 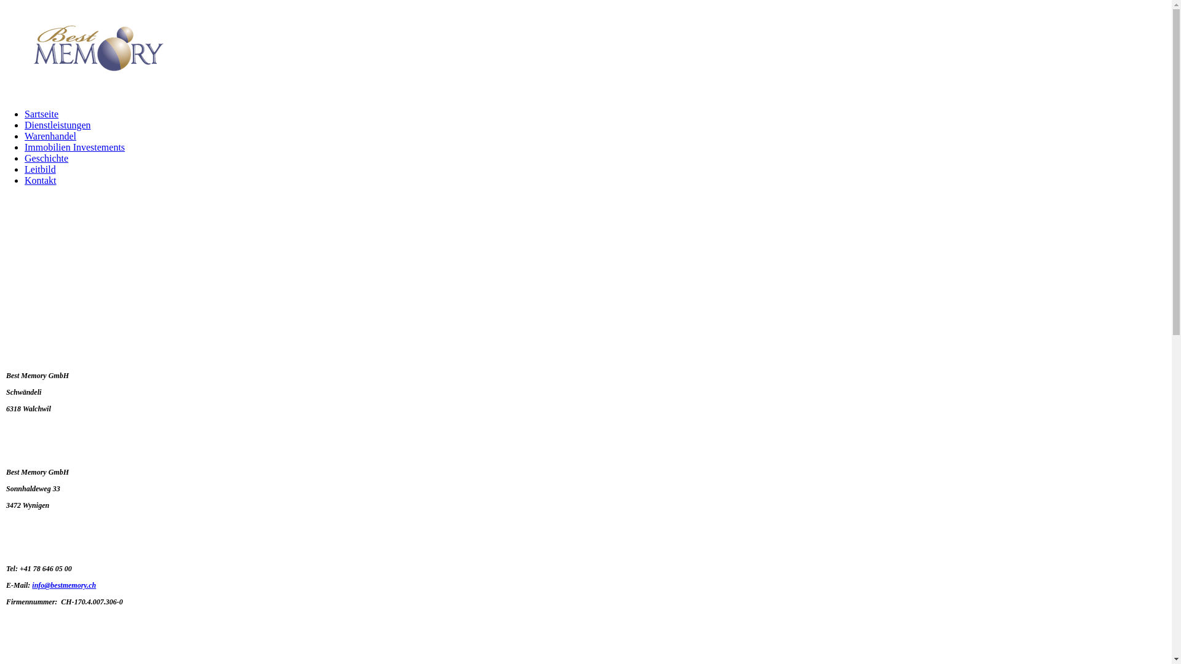 What do you see at coordinates (41, 180) in the screenshot?
I see `'Kontakt'` at bounding box center [41, 180].